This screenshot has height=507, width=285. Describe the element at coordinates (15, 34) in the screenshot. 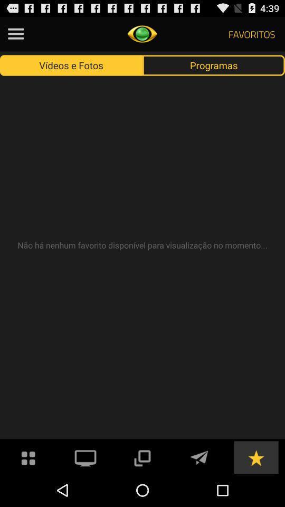

I see `this option menu button` at that location.